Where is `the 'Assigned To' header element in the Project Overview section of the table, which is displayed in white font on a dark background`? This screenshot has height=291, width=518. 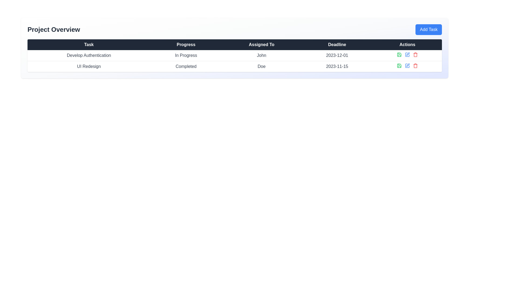 the 'Assigned To' header element in the Project Overview section of the table, which is displayed in white font on a dark background is located at coordinates (261, 44).